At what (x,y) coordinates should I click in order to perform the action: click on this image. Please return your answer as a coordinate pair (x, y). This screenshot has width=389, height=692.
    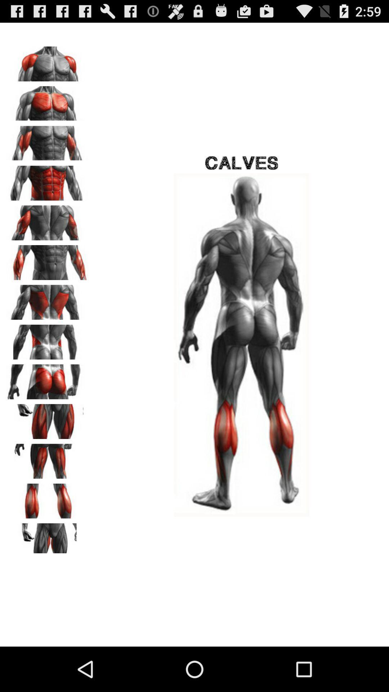
    Looking at the image, I should click on (47, 419).